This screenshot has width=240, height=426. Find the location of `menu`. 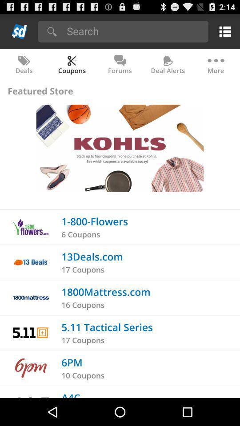

menu is located at coordinates (223, 31).